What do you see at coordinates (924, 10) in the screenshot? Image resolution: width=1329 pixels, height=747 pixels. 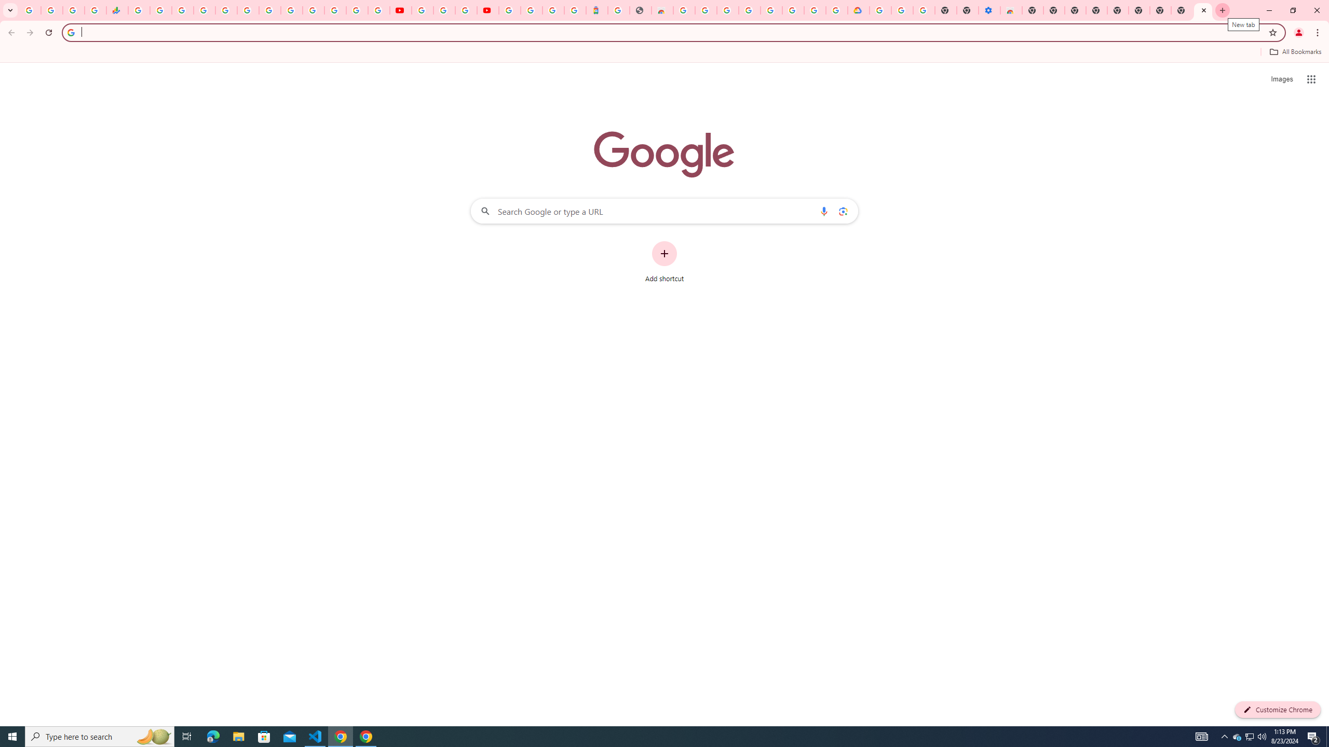 I see `'Turn cookies on or off - Computer - Google Account Help'` at bounding box center [924, 10].